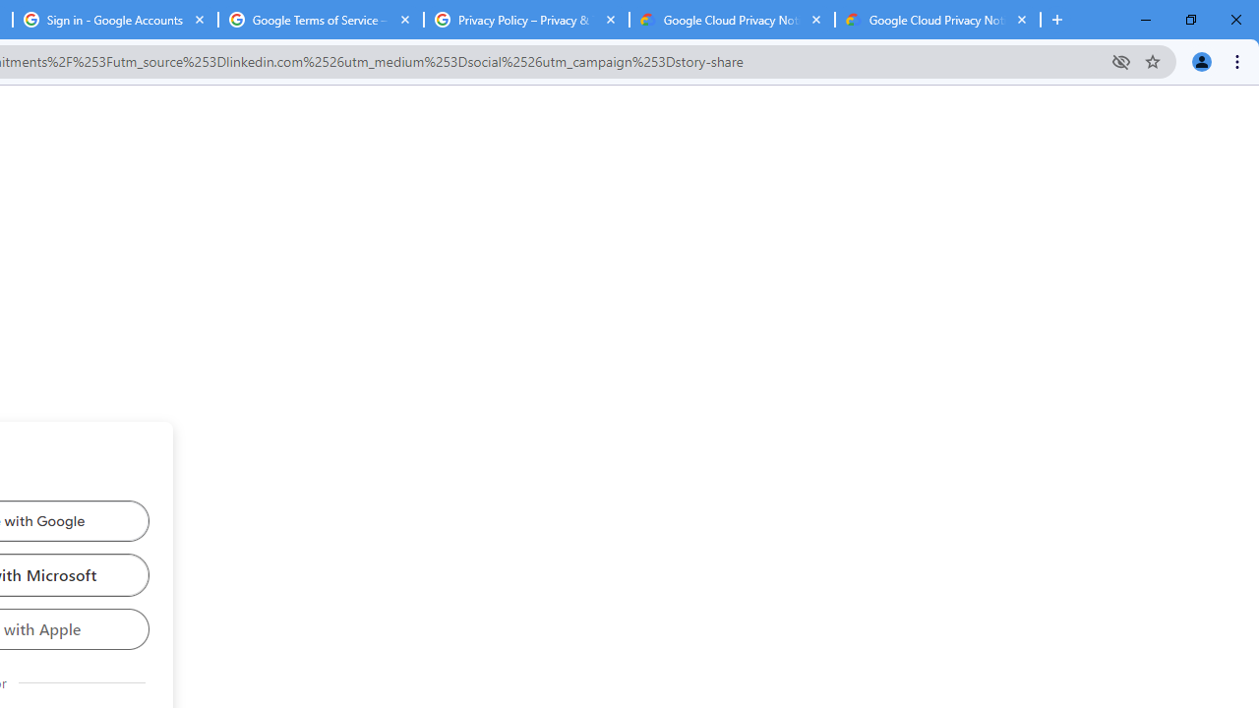 The width and height of the screenshot is (1259, 708). What do you see at coordinates (114, 20) in the screenshot?
I see `'Sign in - Google Accounts'` at bounding box center [114, 20].